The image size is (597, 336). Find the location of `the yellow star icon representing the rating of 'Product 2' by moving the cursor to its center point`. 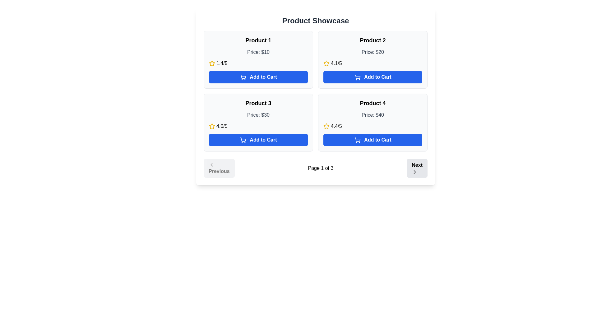

the yellow star icon representing the rating of 'Product 2' by moving the cursor to its center point is located at coordinates (326, 63).